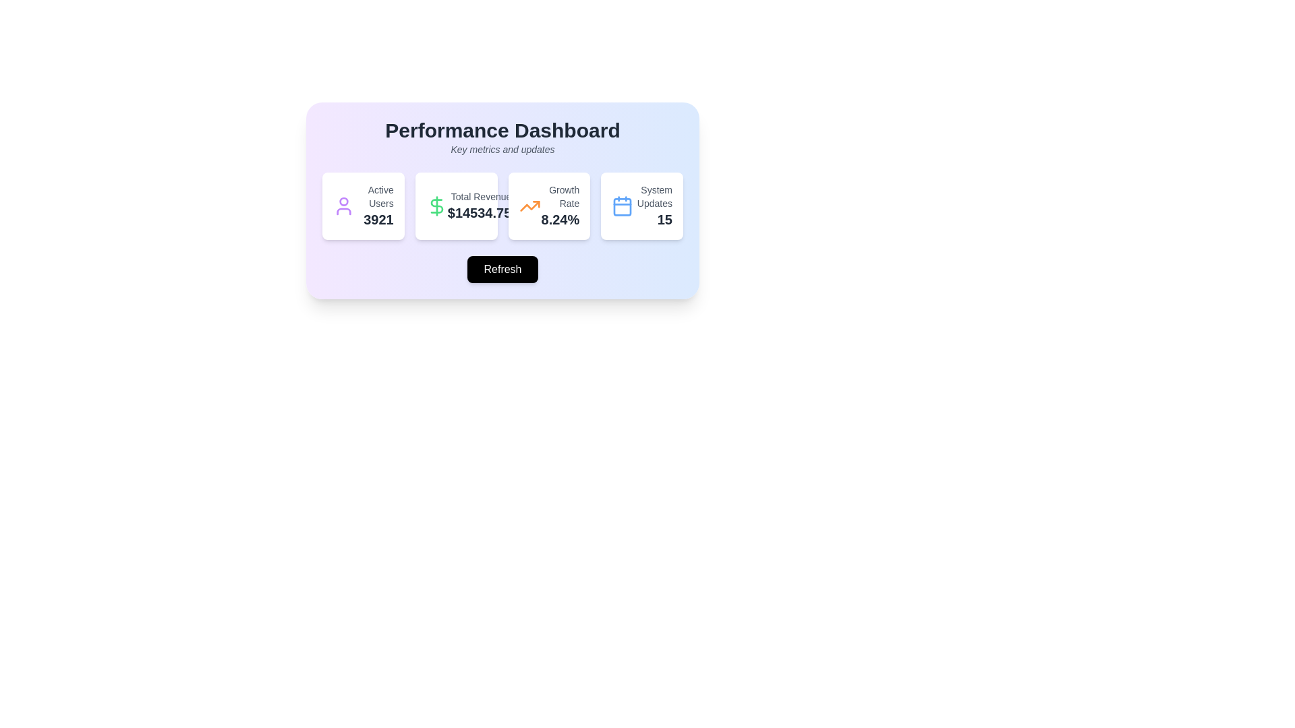  I want to click on the blue calendar icon located in the fourth card labeled 'System Updates', which is positioned above the number 15 and to the left of the text label, so click(622, 206).